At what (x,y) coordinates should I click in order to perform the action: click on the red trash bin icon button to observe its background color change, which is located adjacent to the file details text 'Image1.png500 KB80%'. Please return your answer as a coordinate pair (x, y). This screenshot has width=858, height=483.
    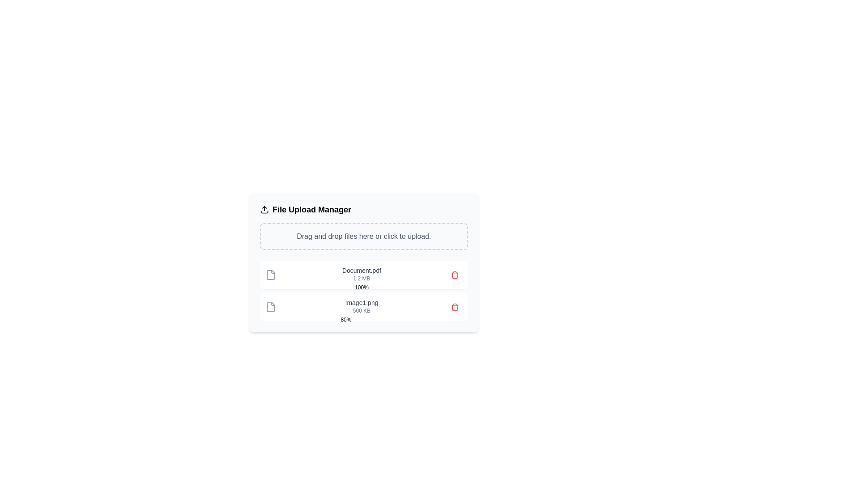
    Looking at the image, I should click on (454, 306).